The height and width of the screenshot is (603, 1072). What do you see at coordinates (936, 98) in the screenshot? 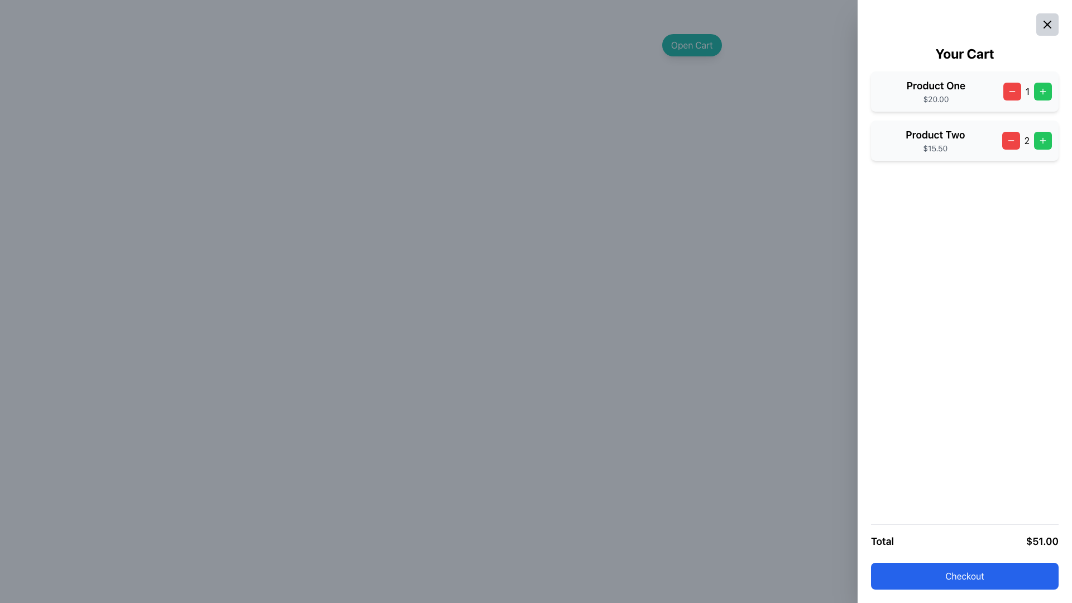
I see `the text displaying the price '$20.00' located below 'Product One'` at bounding box center [936, 98].